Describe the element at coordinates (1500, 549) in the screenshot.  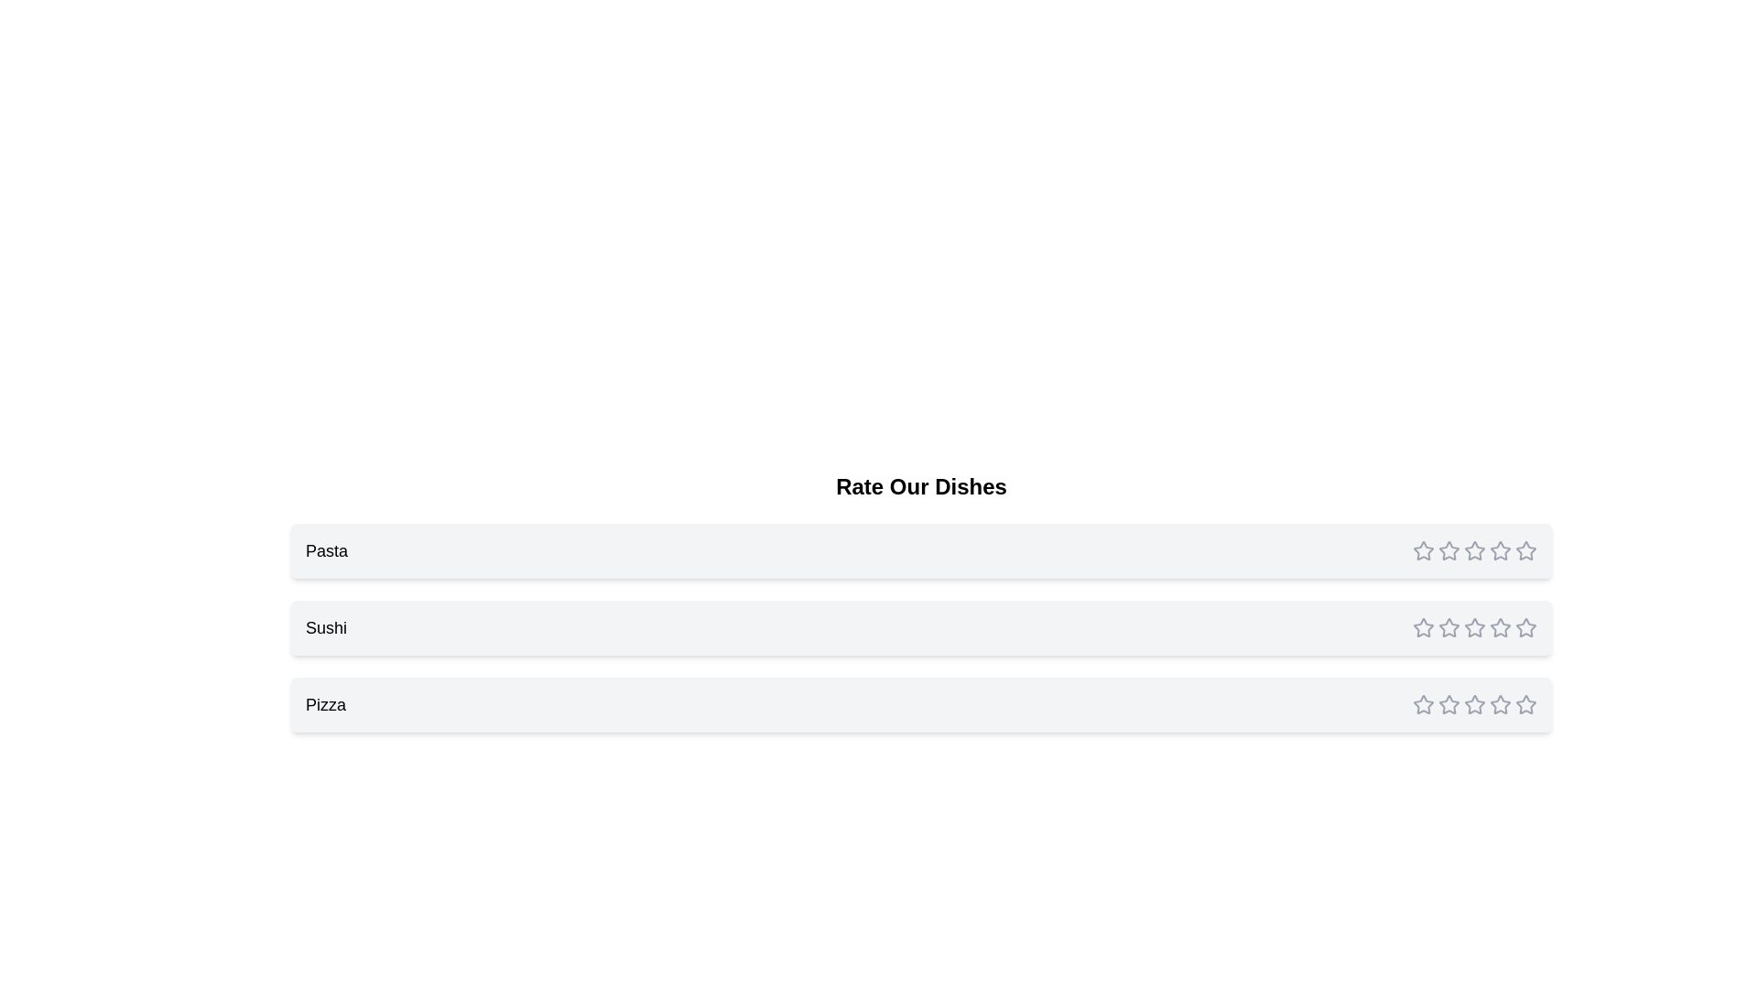
I see `the fourth star icon in the rating system` at that location.